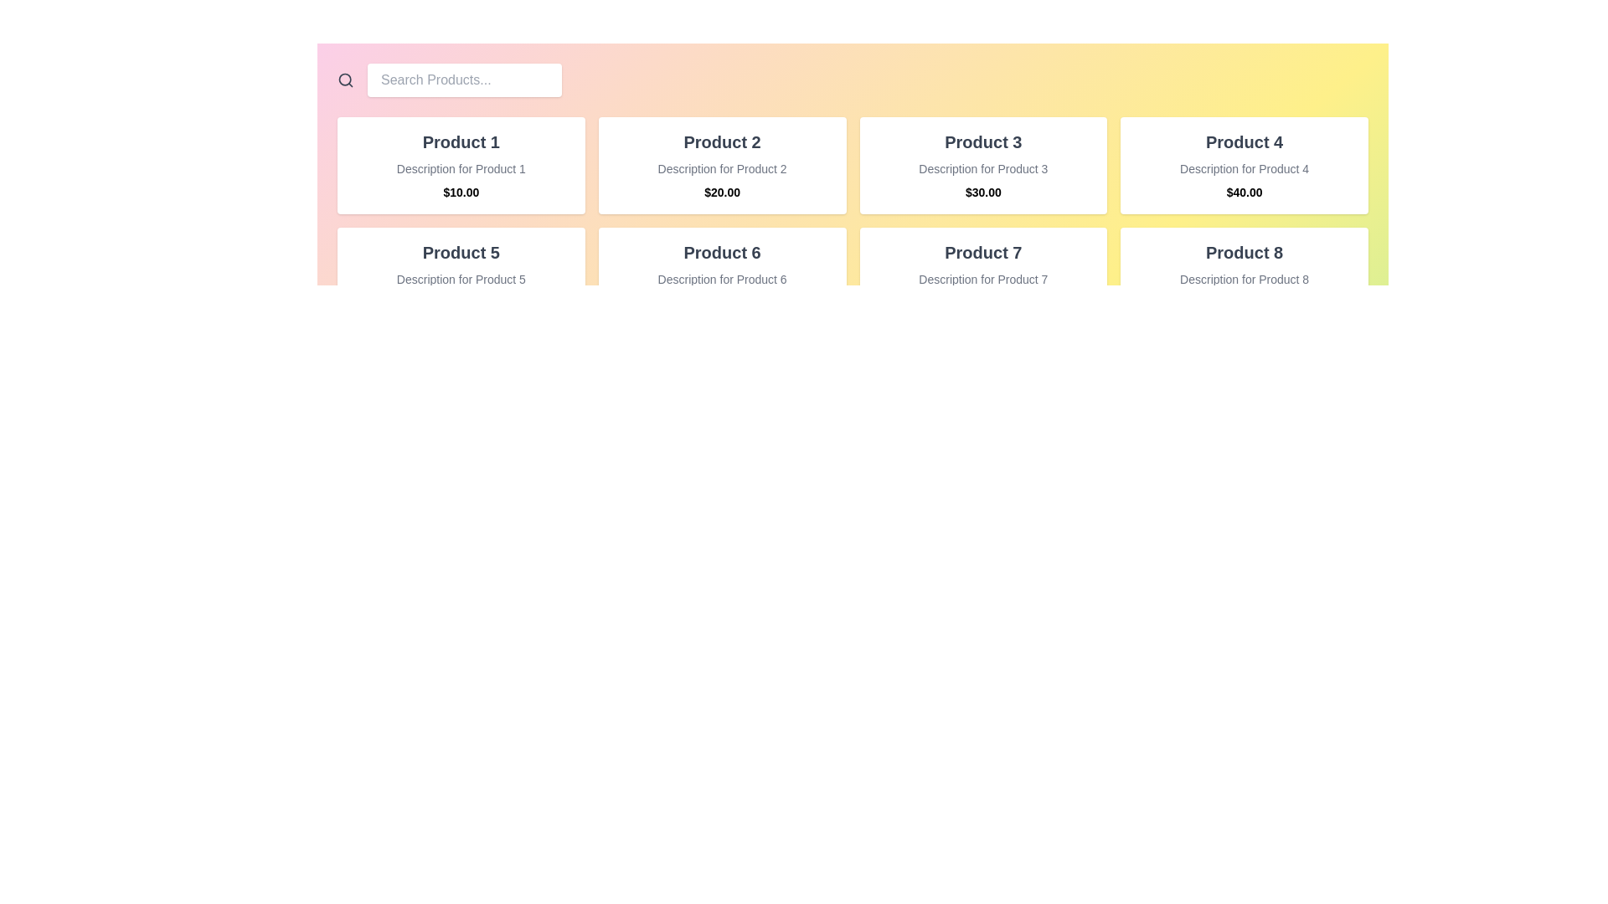  What do you see at coordinates (1245, 275) in the screenshot?
I see `the information card displaying details for 'Product 8', located in the bottom-right corner of the grid layout` at bounding box center [1245, 275].